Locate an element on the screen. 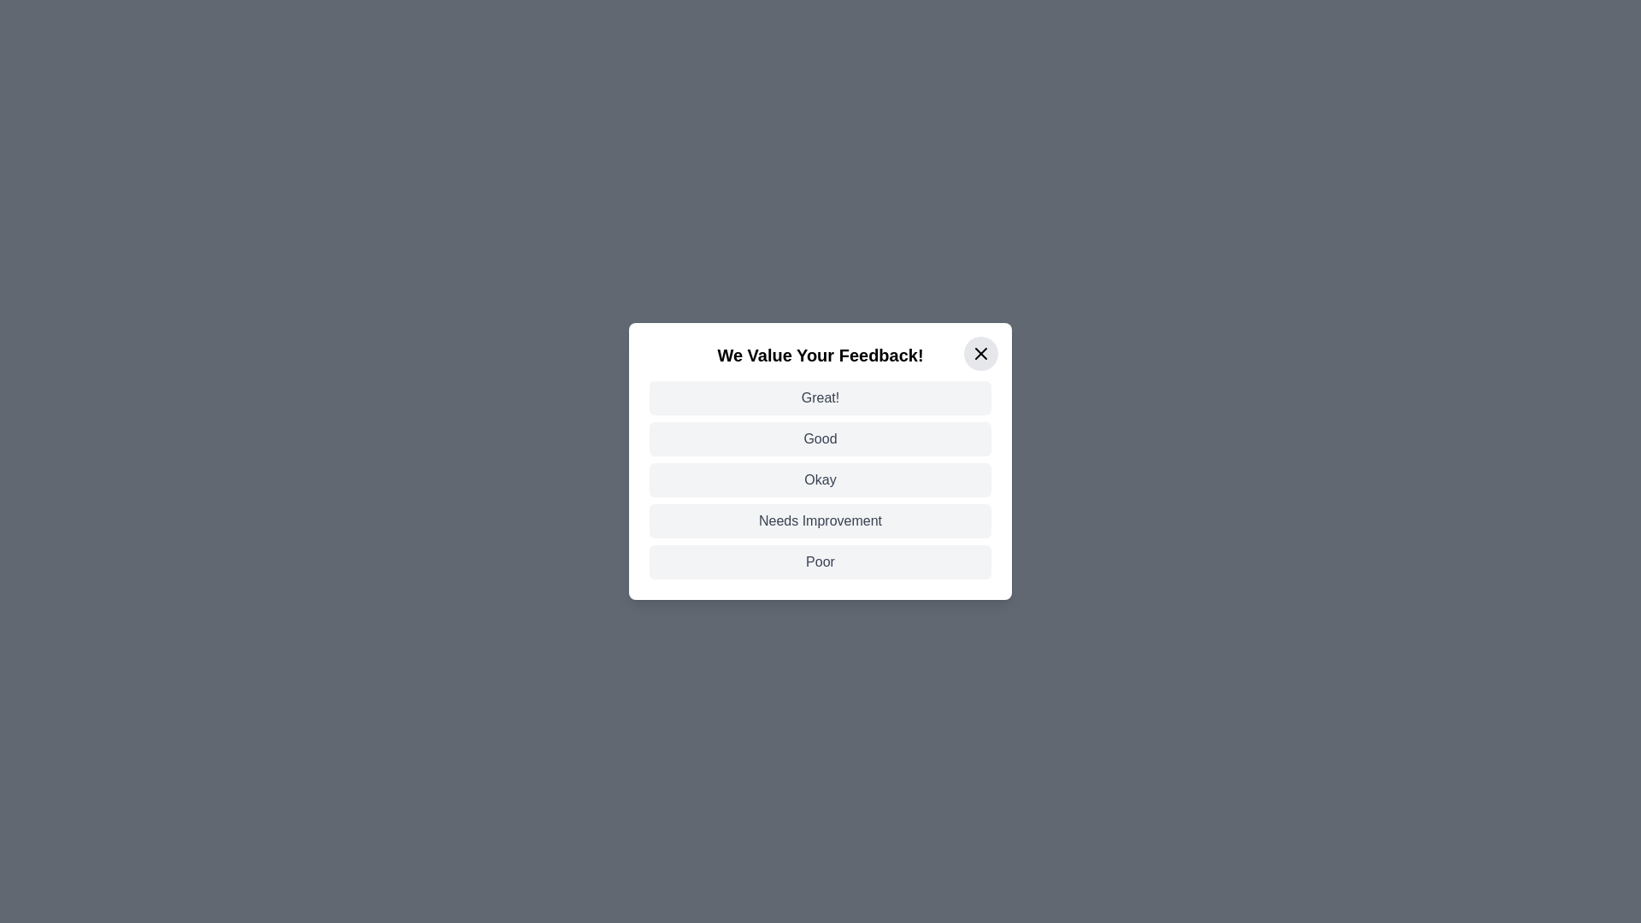  close button at the top-right corner of the dialog is located at coordinates (980, 352).